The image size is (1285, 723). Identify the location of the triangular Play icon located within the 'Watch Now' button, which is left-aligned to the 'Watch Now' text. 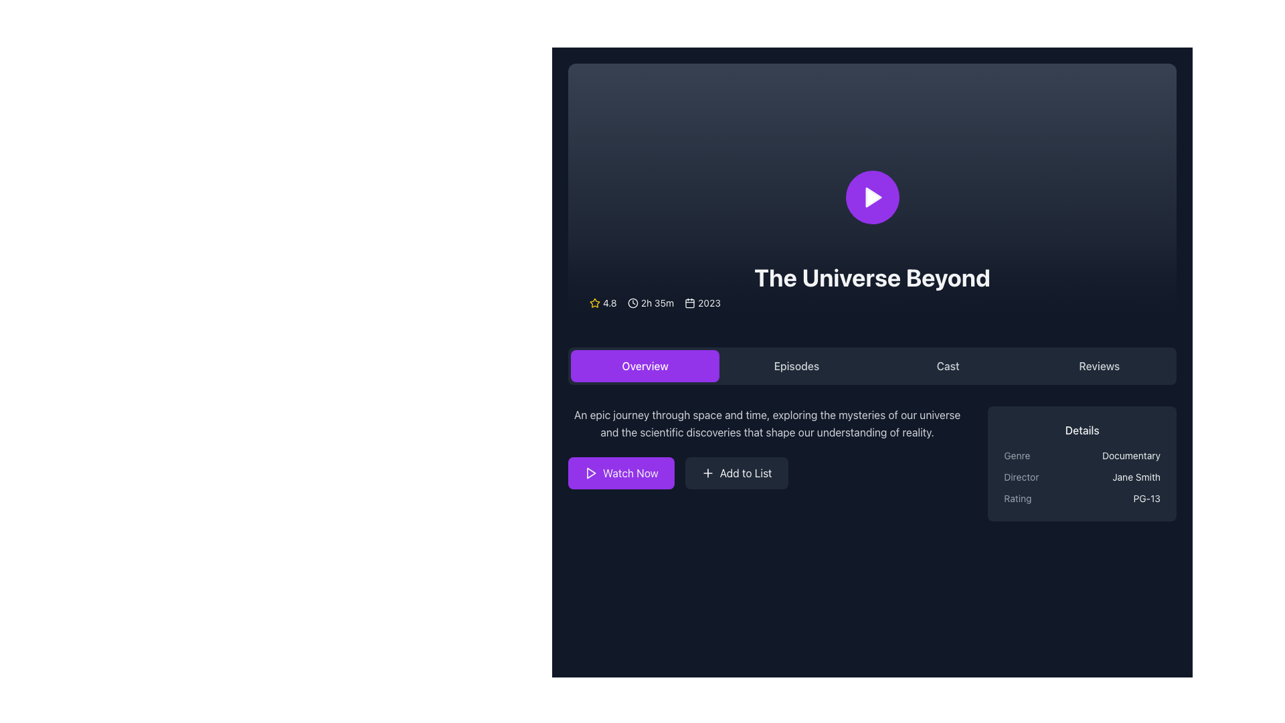
(590, 472).